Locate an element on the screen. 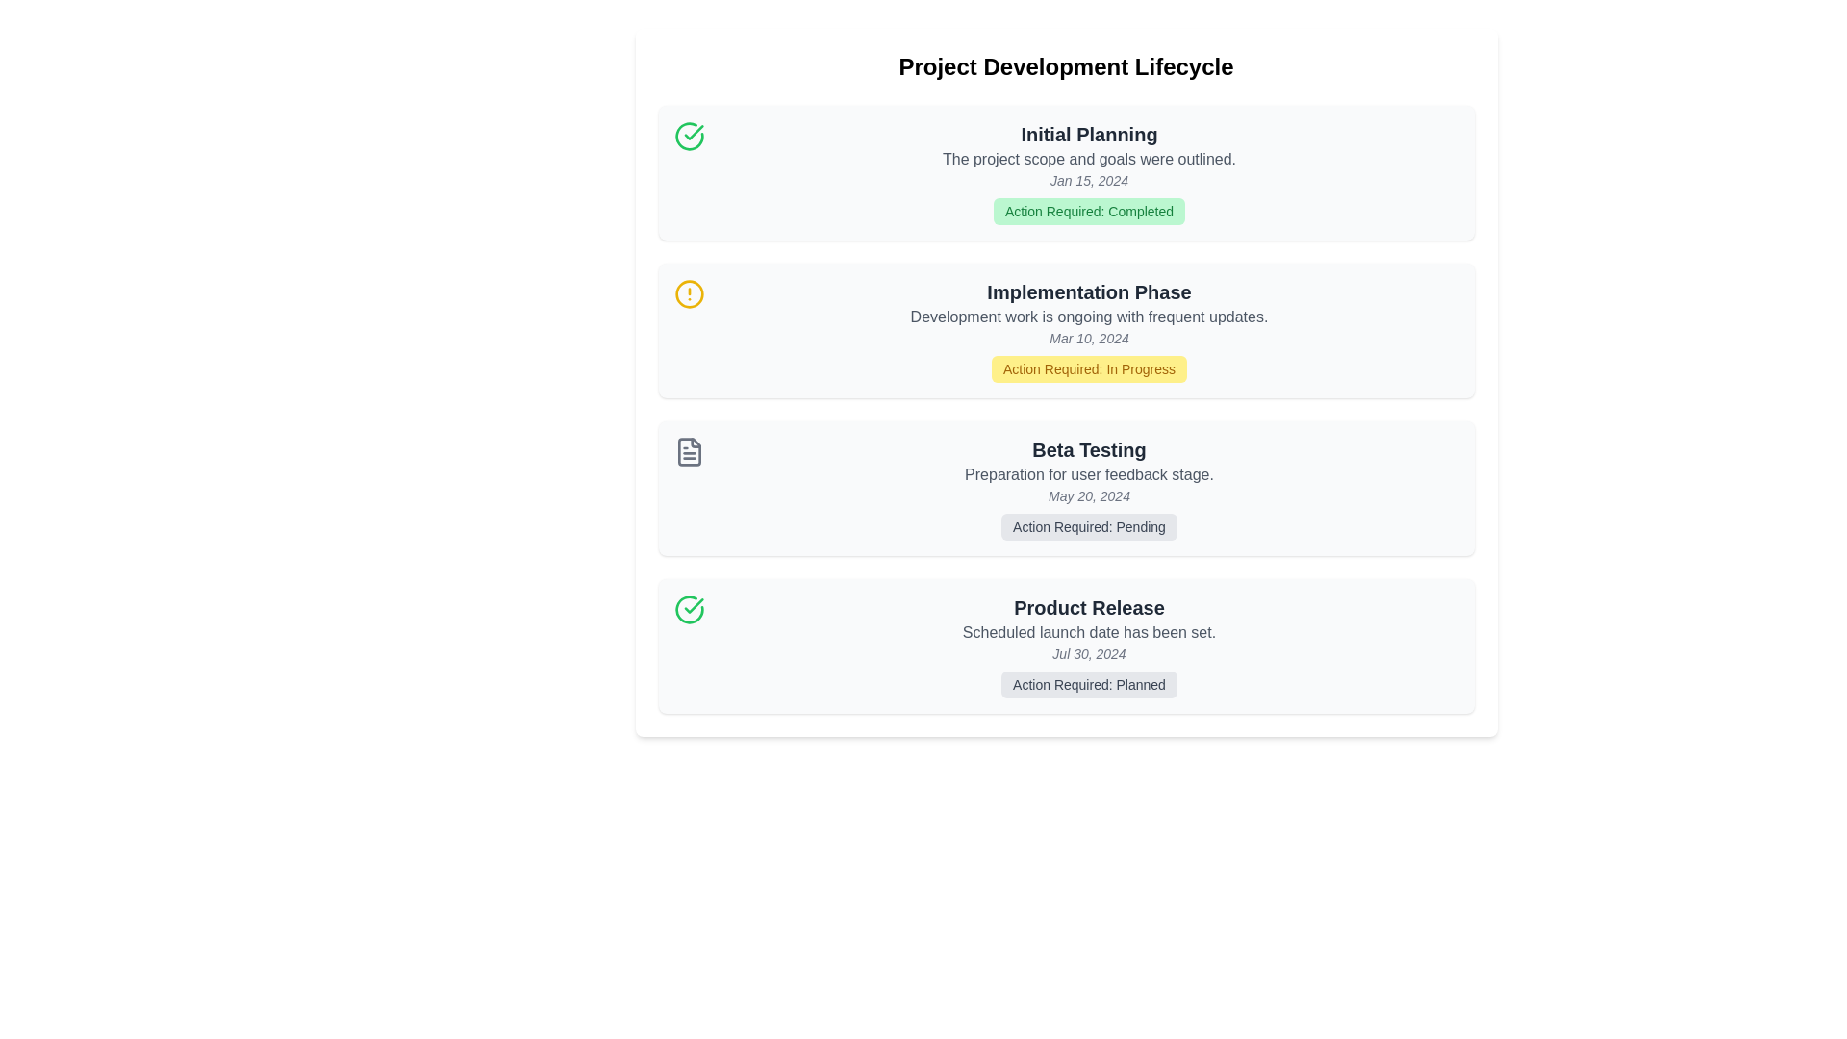 The height and width of the screenshot is (1039, 1847). the text label displaying 'Jul 30, 2024', which is styled in gray, italicized font and is positioned between the subtitle 'Scheduled launch date has been set.' and the label 'Action Required: Planned' is located at coordinates (1089, 652).